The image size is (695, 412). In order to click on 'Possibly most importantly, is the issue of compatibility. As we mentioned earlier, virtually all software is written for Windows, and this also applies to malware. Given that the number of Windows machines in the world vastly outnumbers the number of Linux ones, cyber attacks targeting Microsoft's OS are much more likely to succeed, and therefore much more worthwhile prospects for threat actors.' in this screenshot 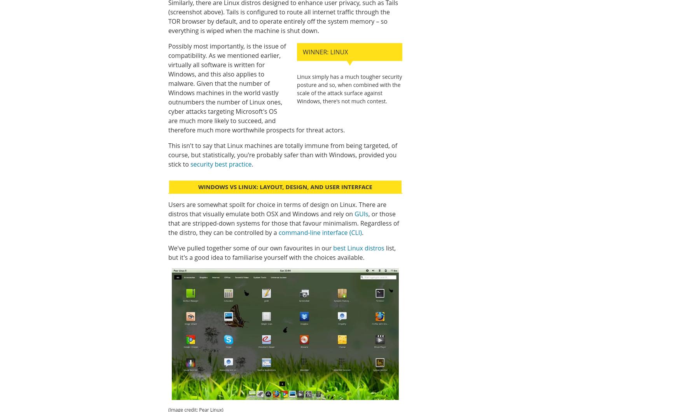, I will do `click(256, 87)`.